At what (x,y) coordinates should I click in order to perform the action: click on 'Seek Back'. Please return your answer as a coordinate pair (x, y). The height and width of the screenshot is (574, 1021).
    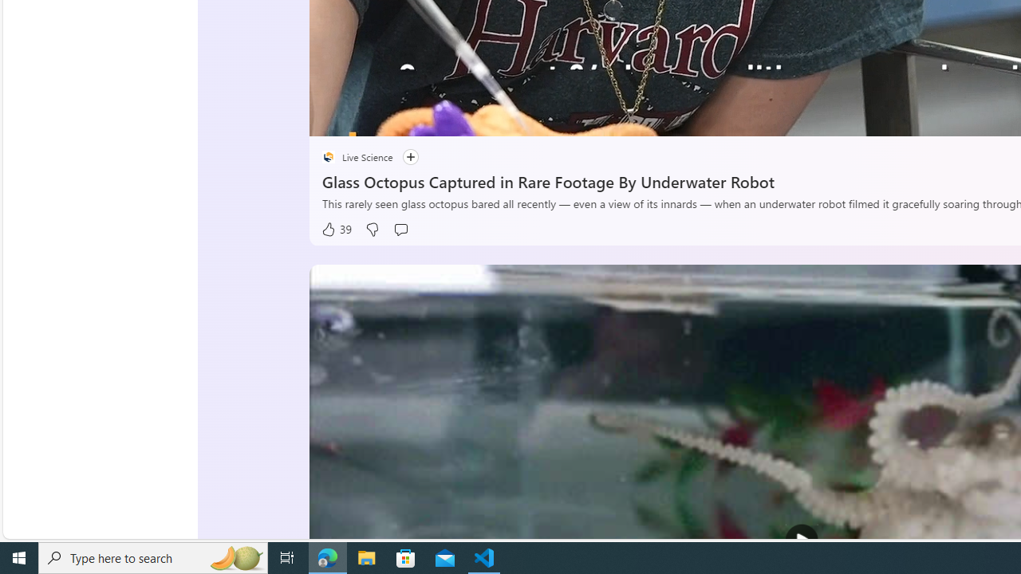
    Looking at the image, I should click on (364, 118).